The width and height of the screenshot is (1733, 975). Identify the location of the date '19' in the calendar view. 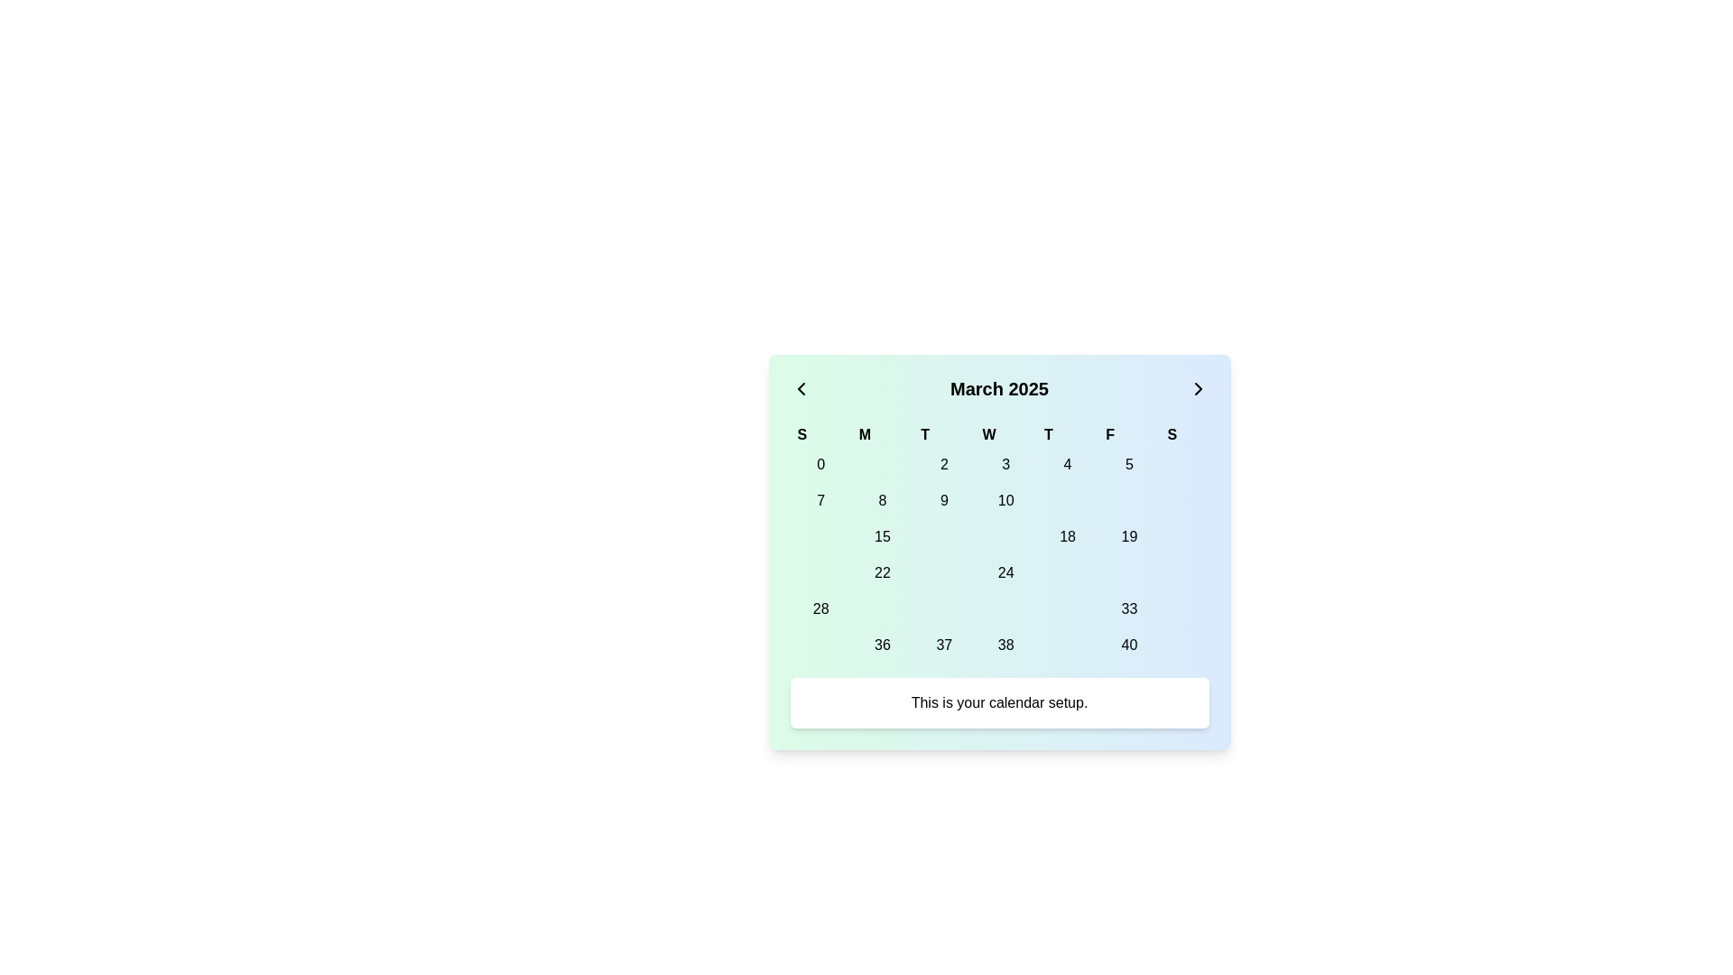
(1128, 535).